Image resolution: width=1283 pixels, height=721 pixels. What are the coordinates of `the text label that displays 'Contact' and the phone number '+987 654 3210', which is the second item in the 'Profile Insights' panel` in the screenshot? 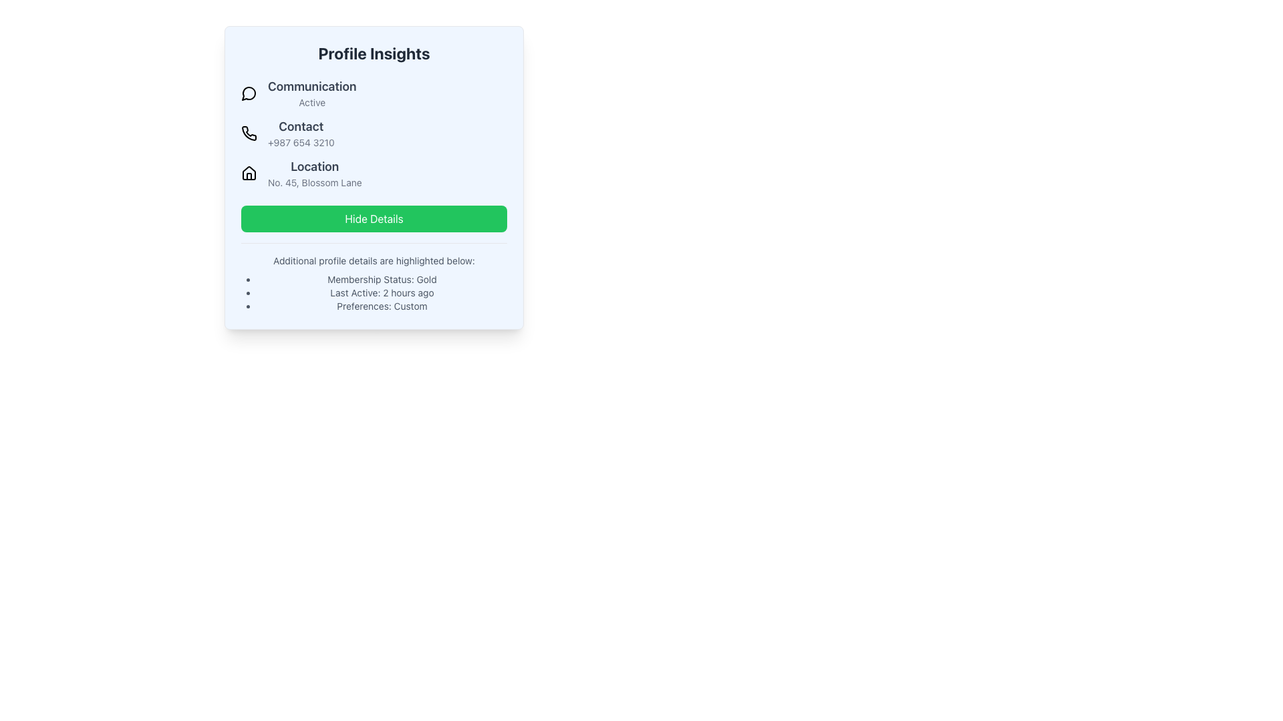 It's located at (300, 134).